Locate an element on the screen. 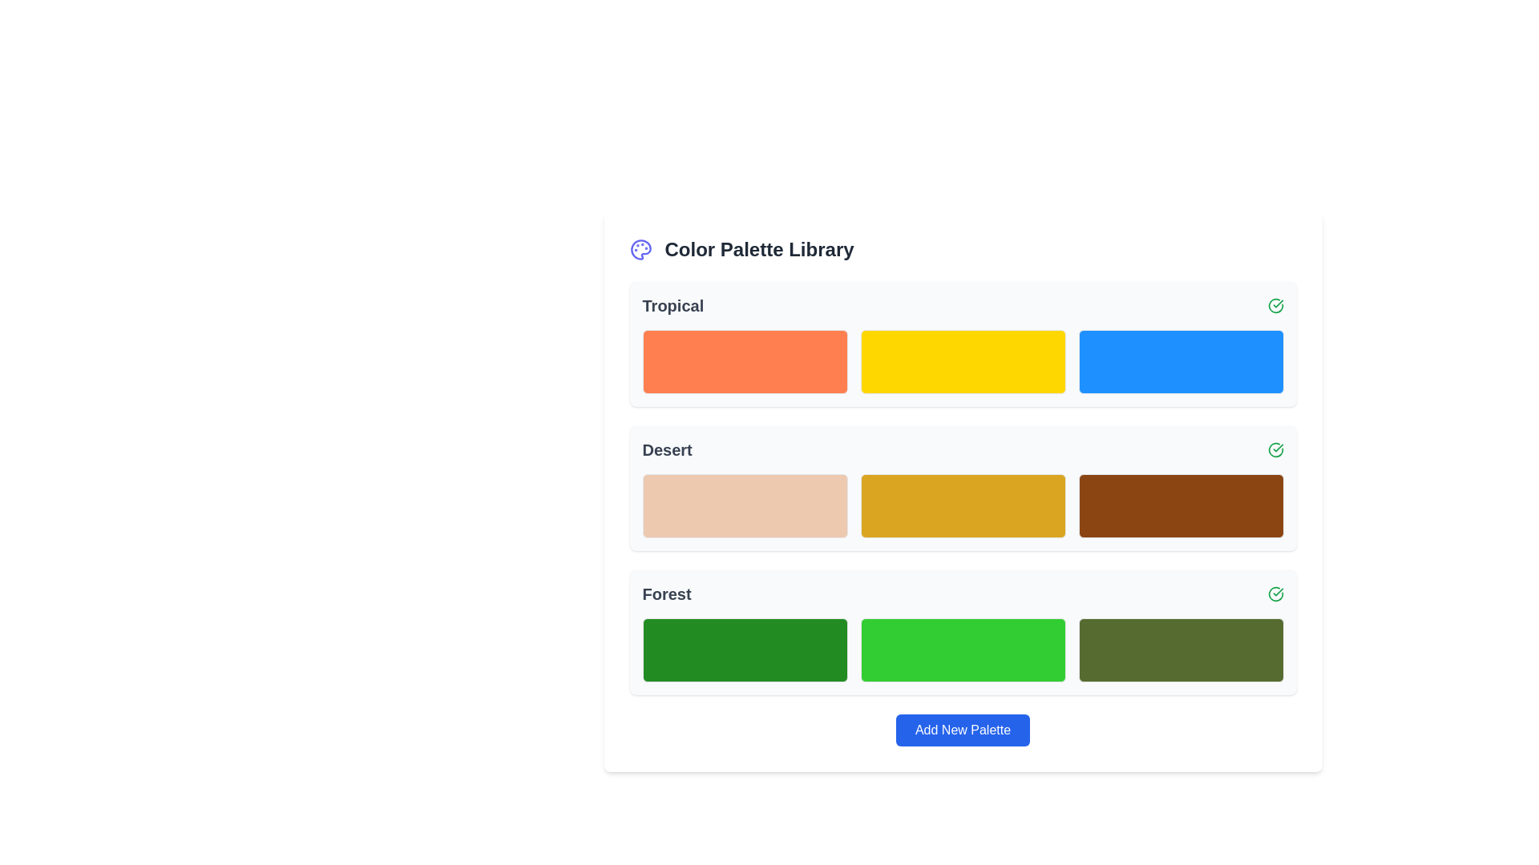  the Status indicator icon, which is a green circle with a check mark, positioned to the far right side of the 'Forest' label is located at coordinates (1274, 593).